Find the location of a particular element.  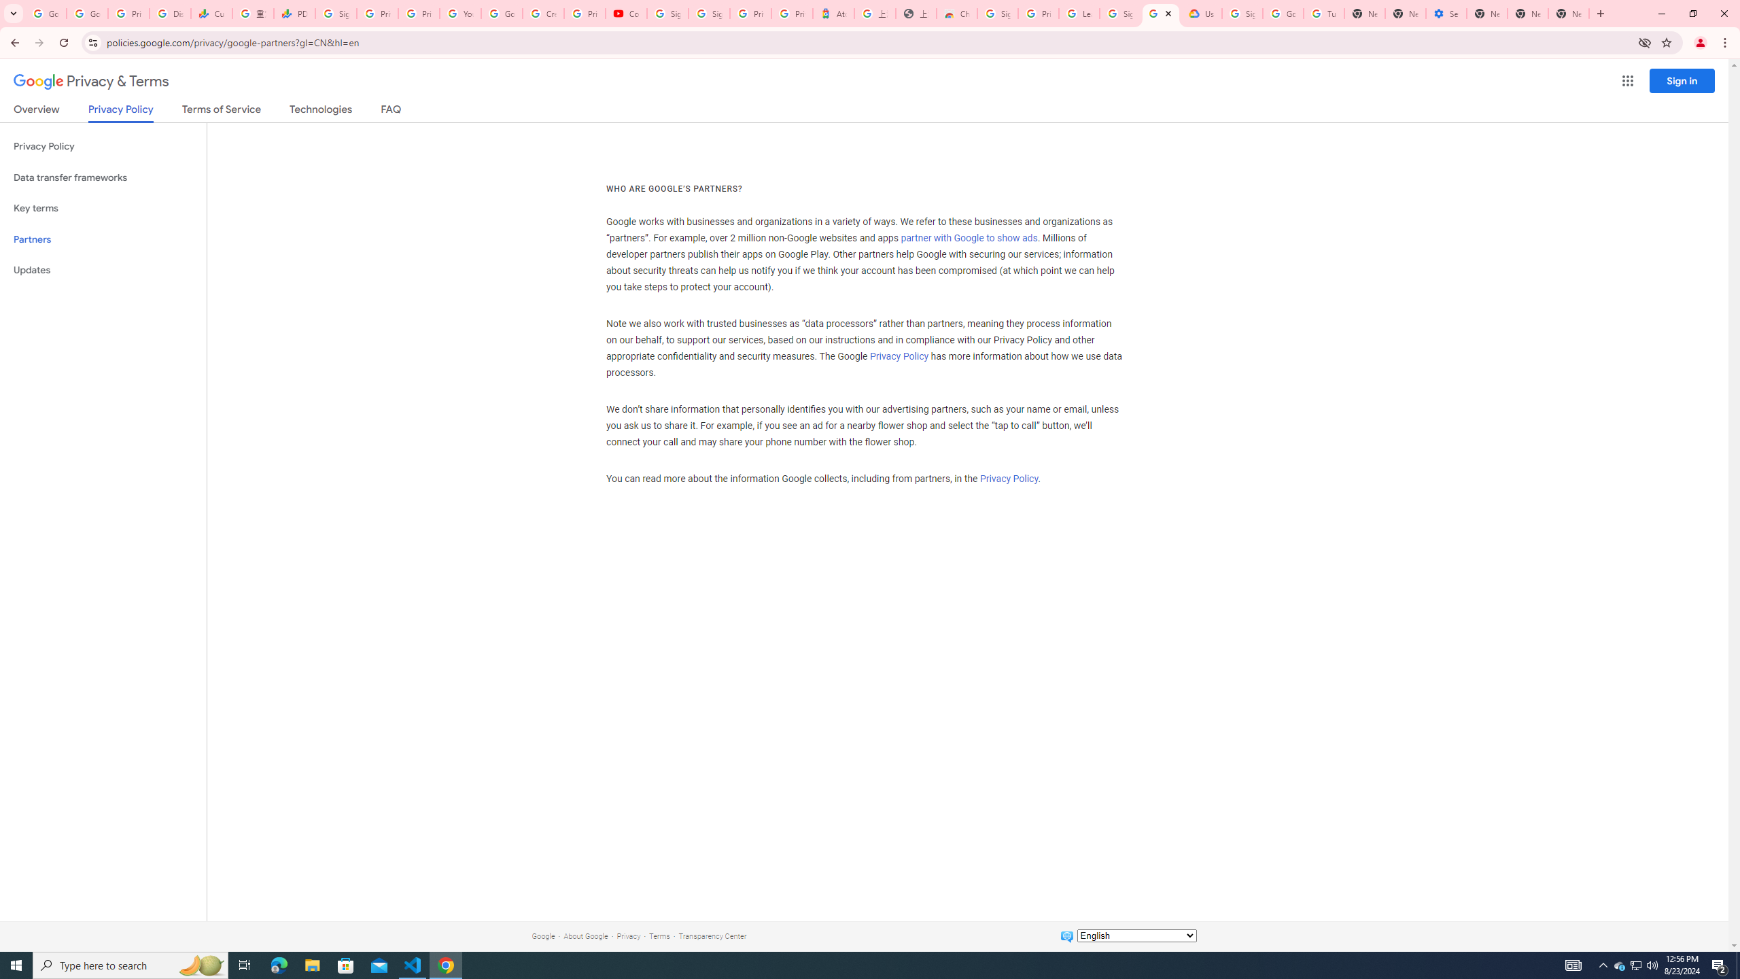

'Sign in - Google Accounts' is located at coordinates (1119, 13).